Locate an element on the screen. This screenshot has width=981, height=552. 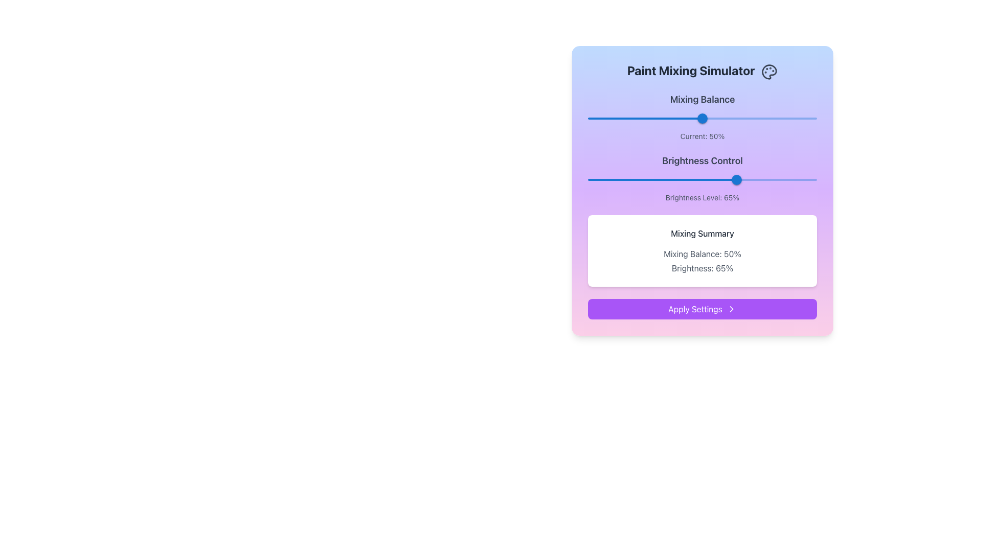
the Mixing Balance slider is located at coordinates (647, 118).